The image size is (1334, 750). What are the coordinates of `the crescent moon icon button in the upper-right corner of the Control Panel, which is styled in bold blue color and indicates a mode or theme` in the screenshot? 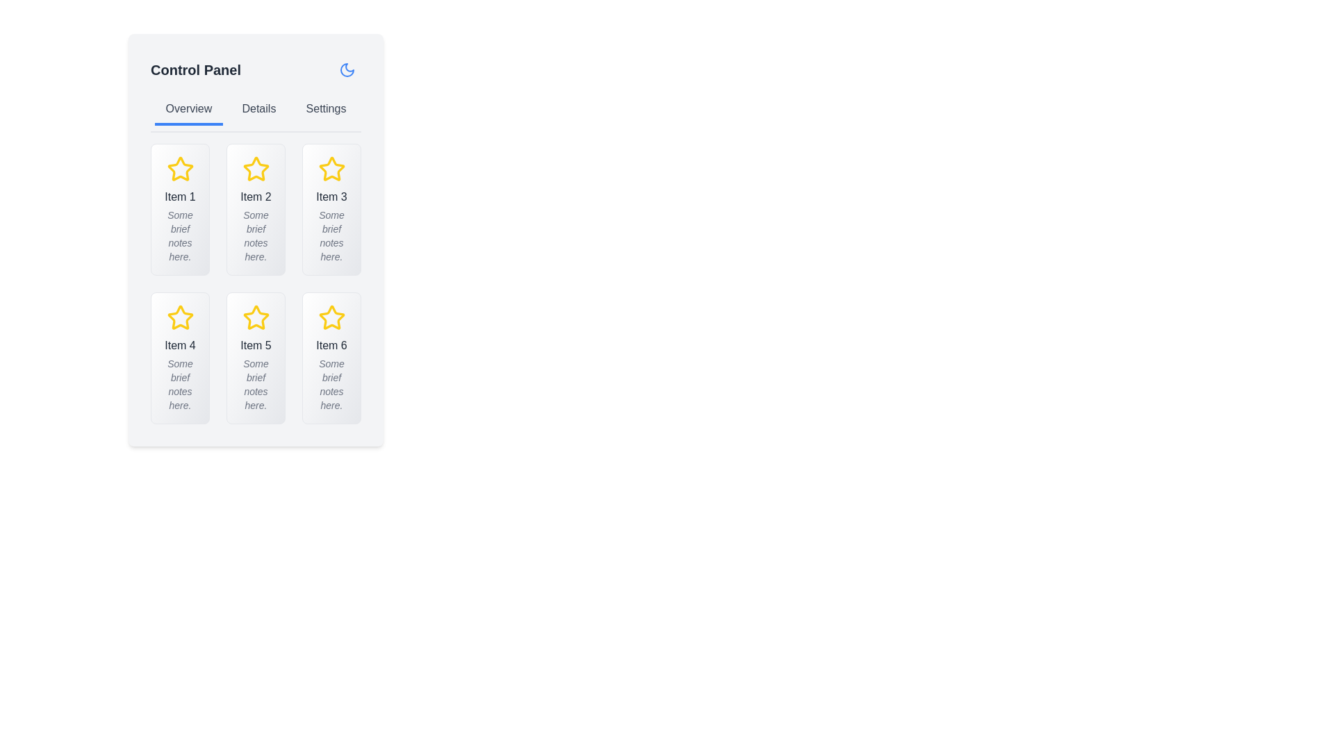 It's located at (347, 69).